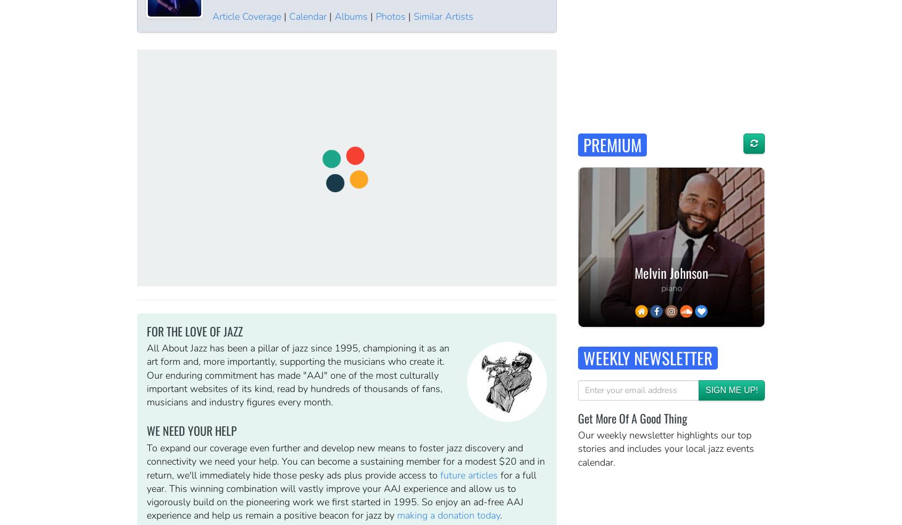  Describe the element at coordinates (500, 515) in the screenshot. I see `'.'` at that location.